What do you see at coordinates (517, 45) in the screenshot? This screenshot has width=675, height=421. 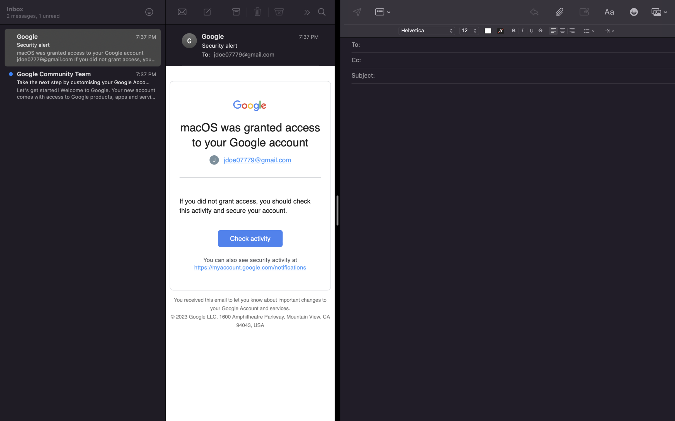 I see `Address the email to "alex@gmail.com"` at bounding box center [517, 45].